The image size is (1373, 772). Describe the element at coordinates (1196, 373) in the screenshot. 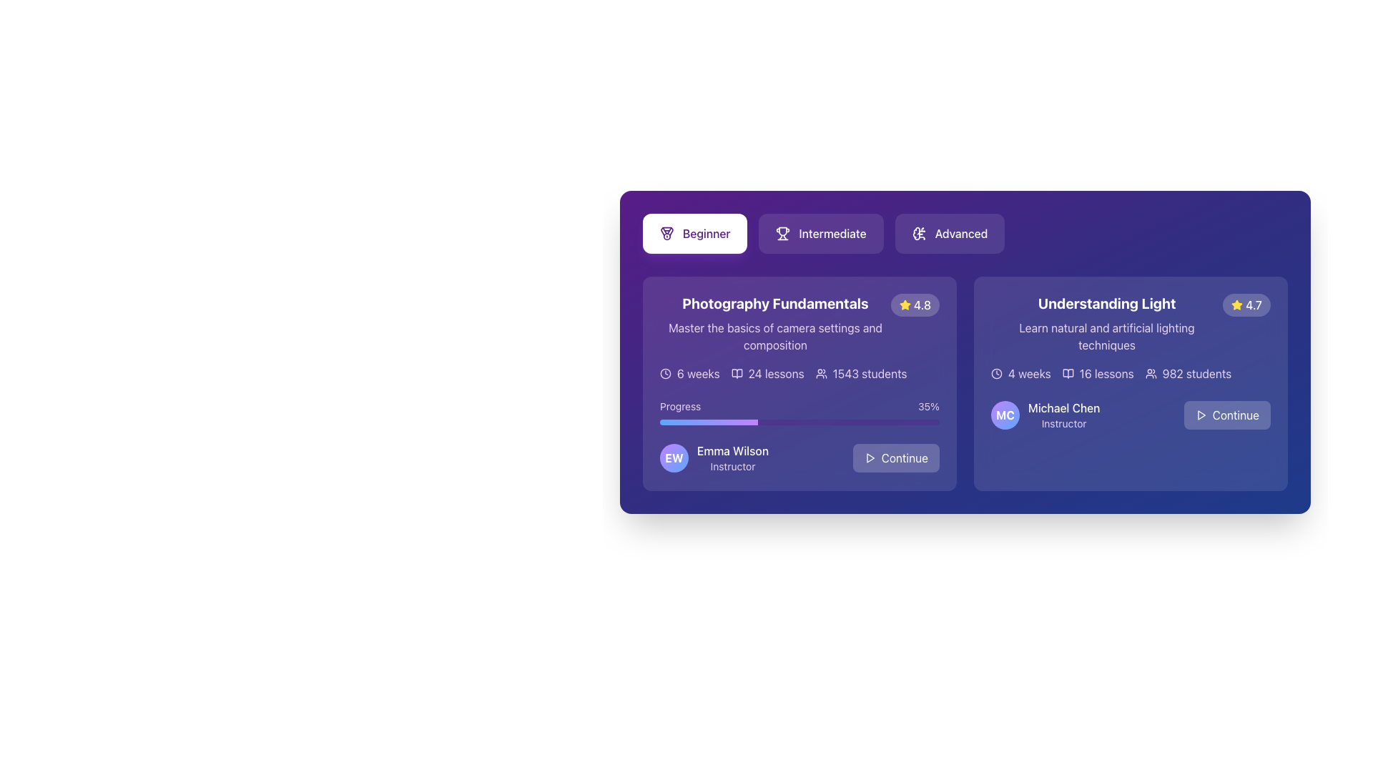

I see `the static text displaying '982 students' in white color on a purple background, which is part of the course card for 'Understanding Light.'` at that location.